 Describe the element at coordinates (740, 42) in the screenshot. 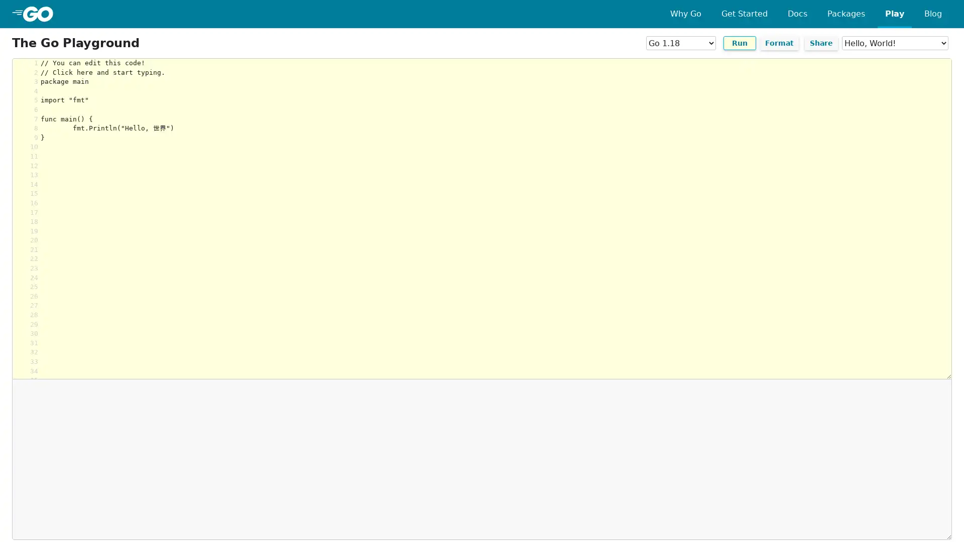

I see `Run` at that location.